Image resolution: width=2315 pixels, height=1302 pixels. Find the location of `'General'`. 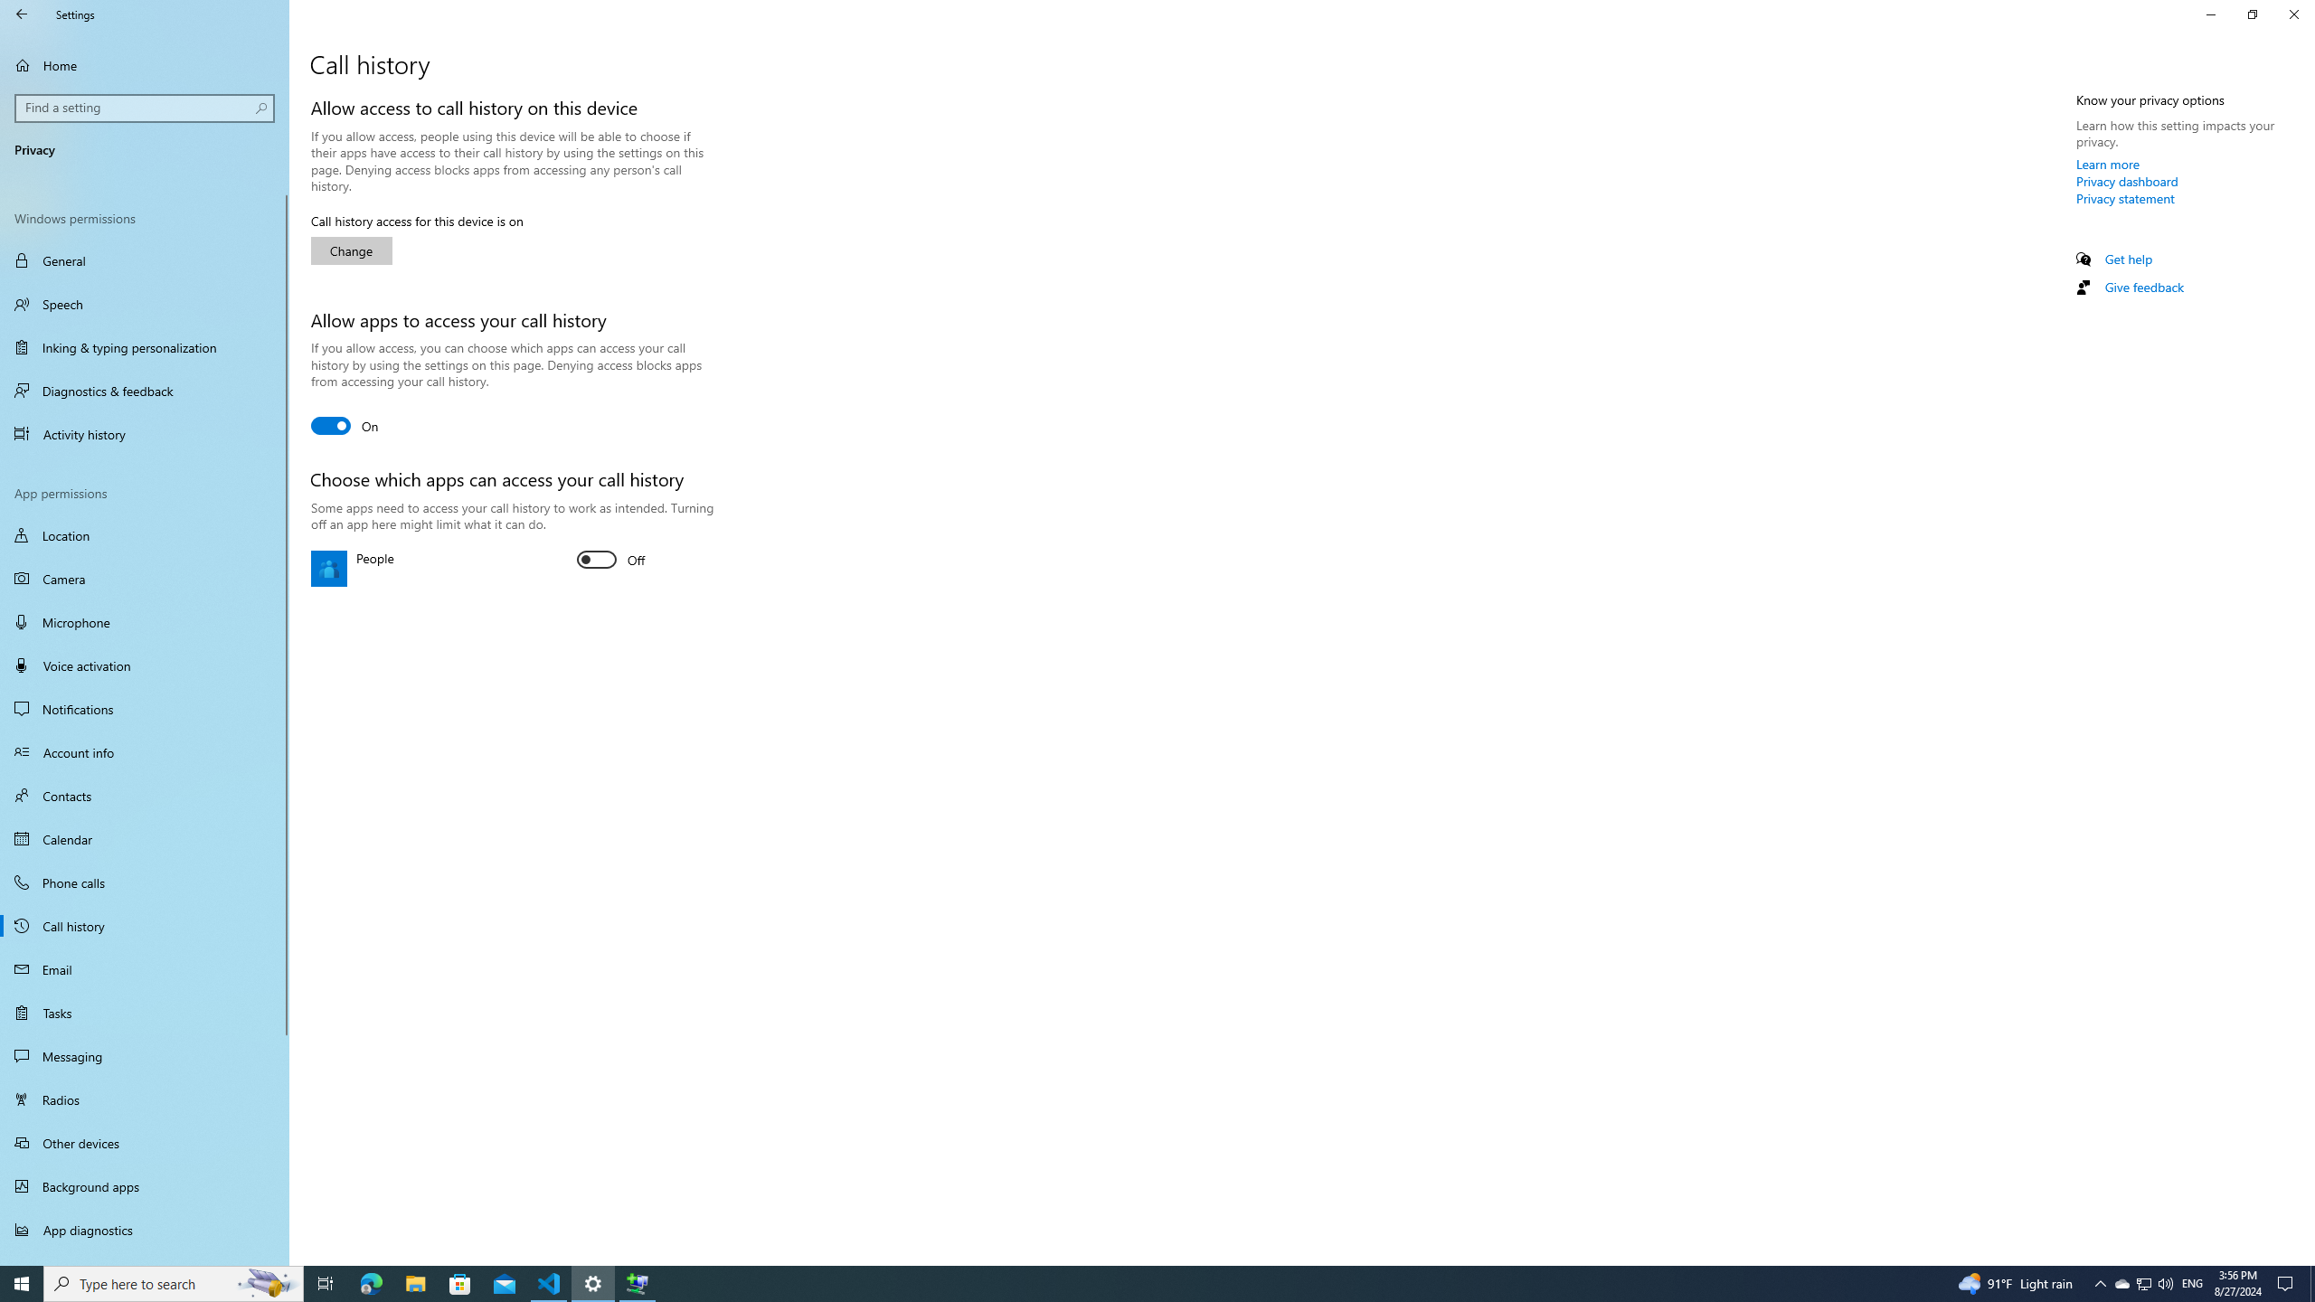

'General' is located at coordinates (144, 259).